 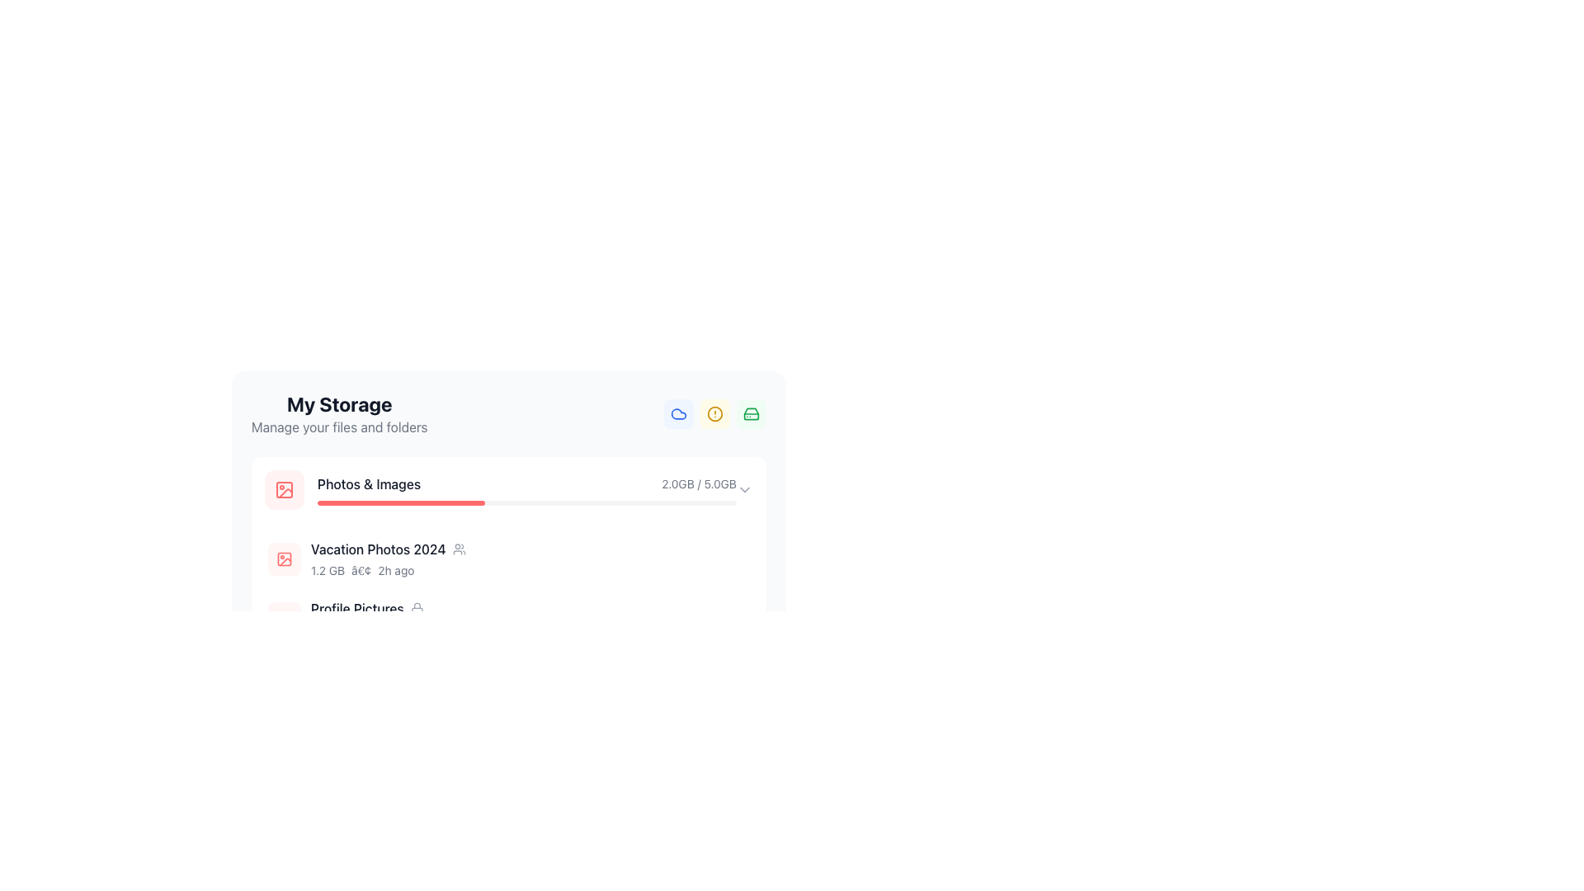 What do you see at coordinates (678, 412) in the screenshot?
I see `the cloud-shaped icon with a blue outline and a white background located in the top-right section of the interface to interact with the storage-related feature it represents` at bounding box center [678, 412].